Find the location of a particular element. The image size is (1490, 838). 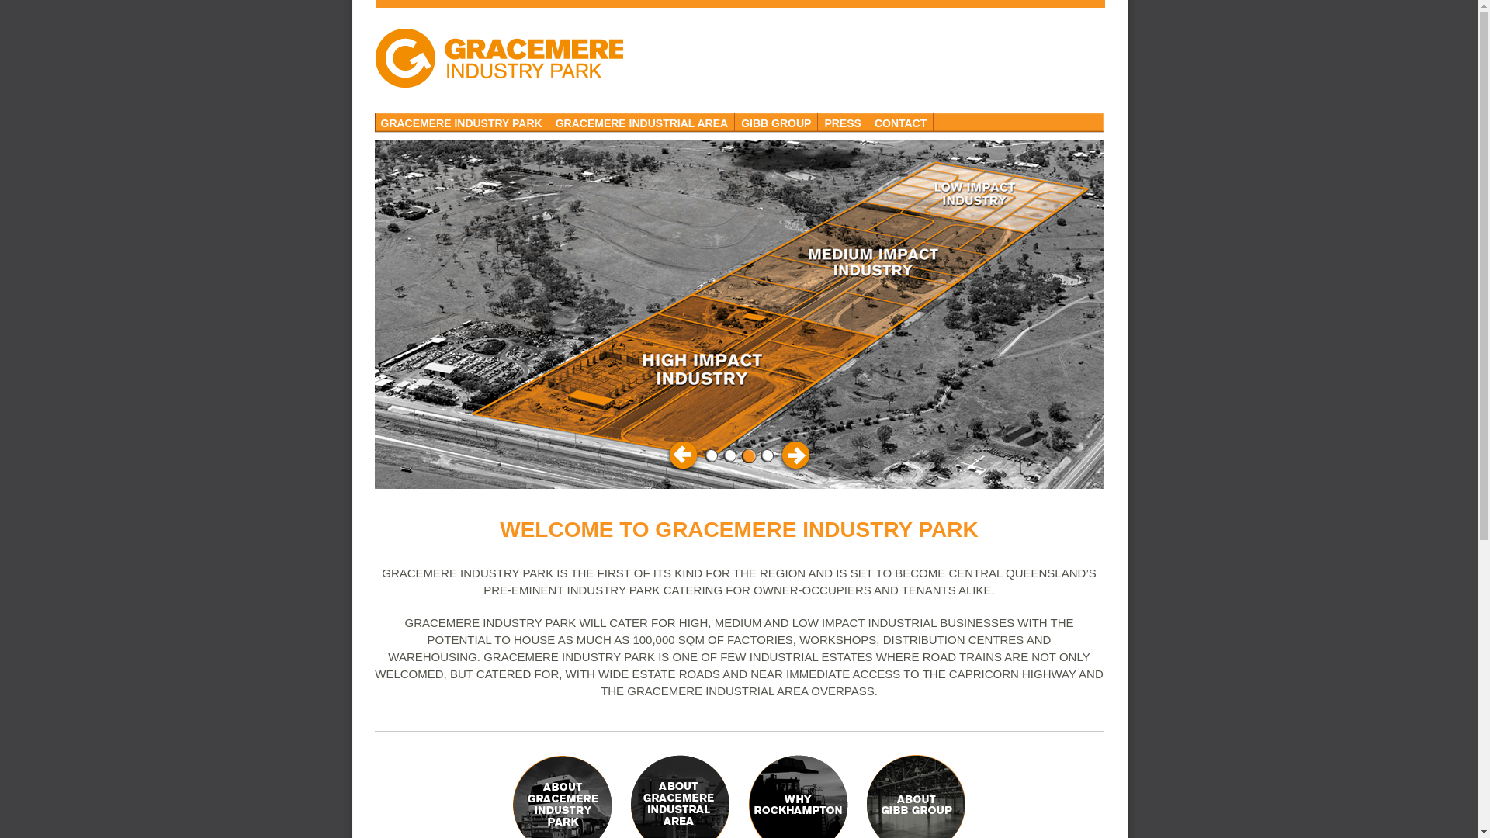

'2' is located at coordinates (729, 455).